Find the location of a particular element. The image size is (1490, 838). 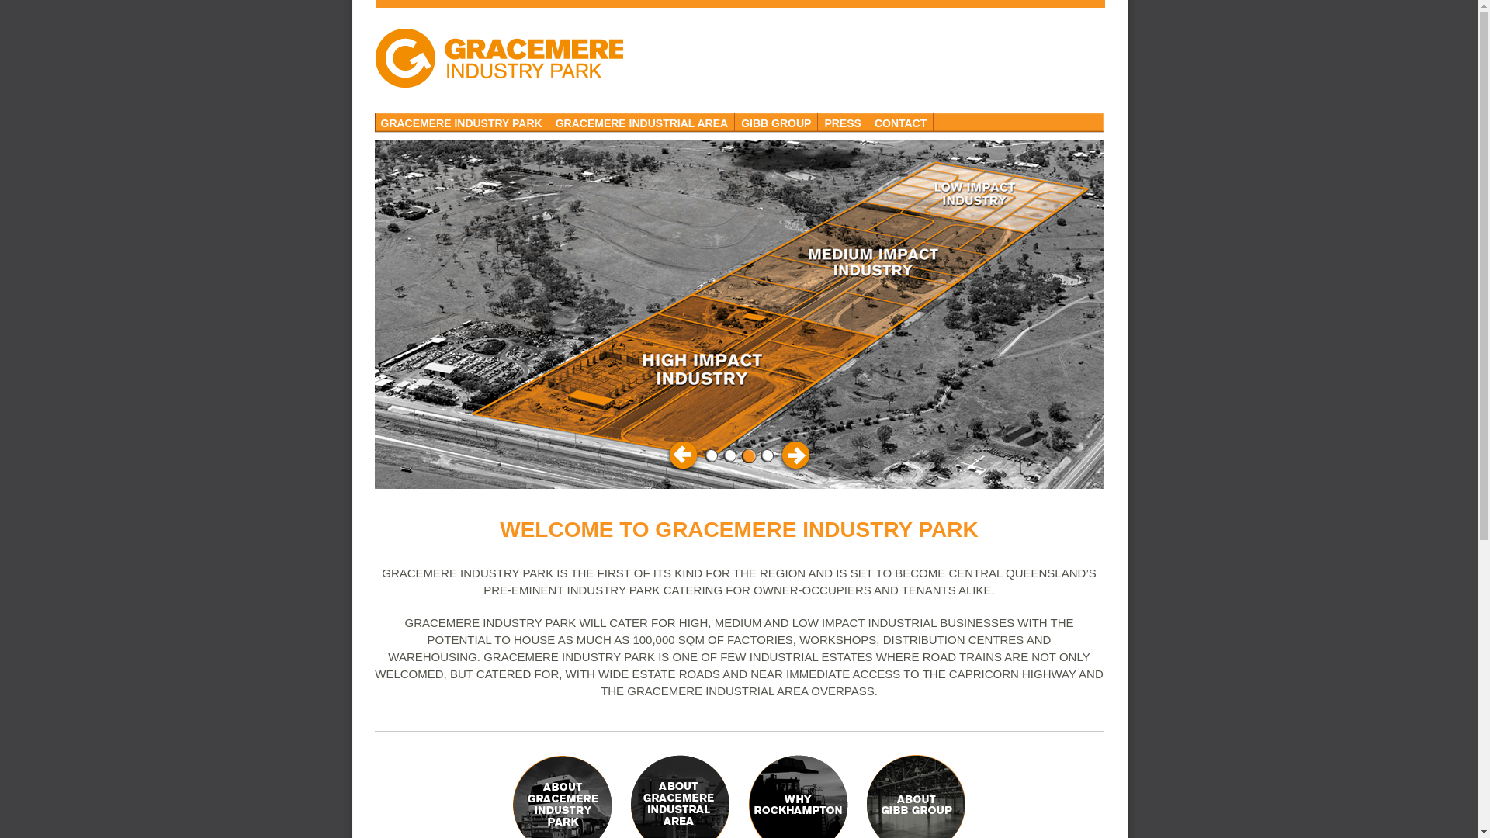

'2' is located at coordinates (729, 455).